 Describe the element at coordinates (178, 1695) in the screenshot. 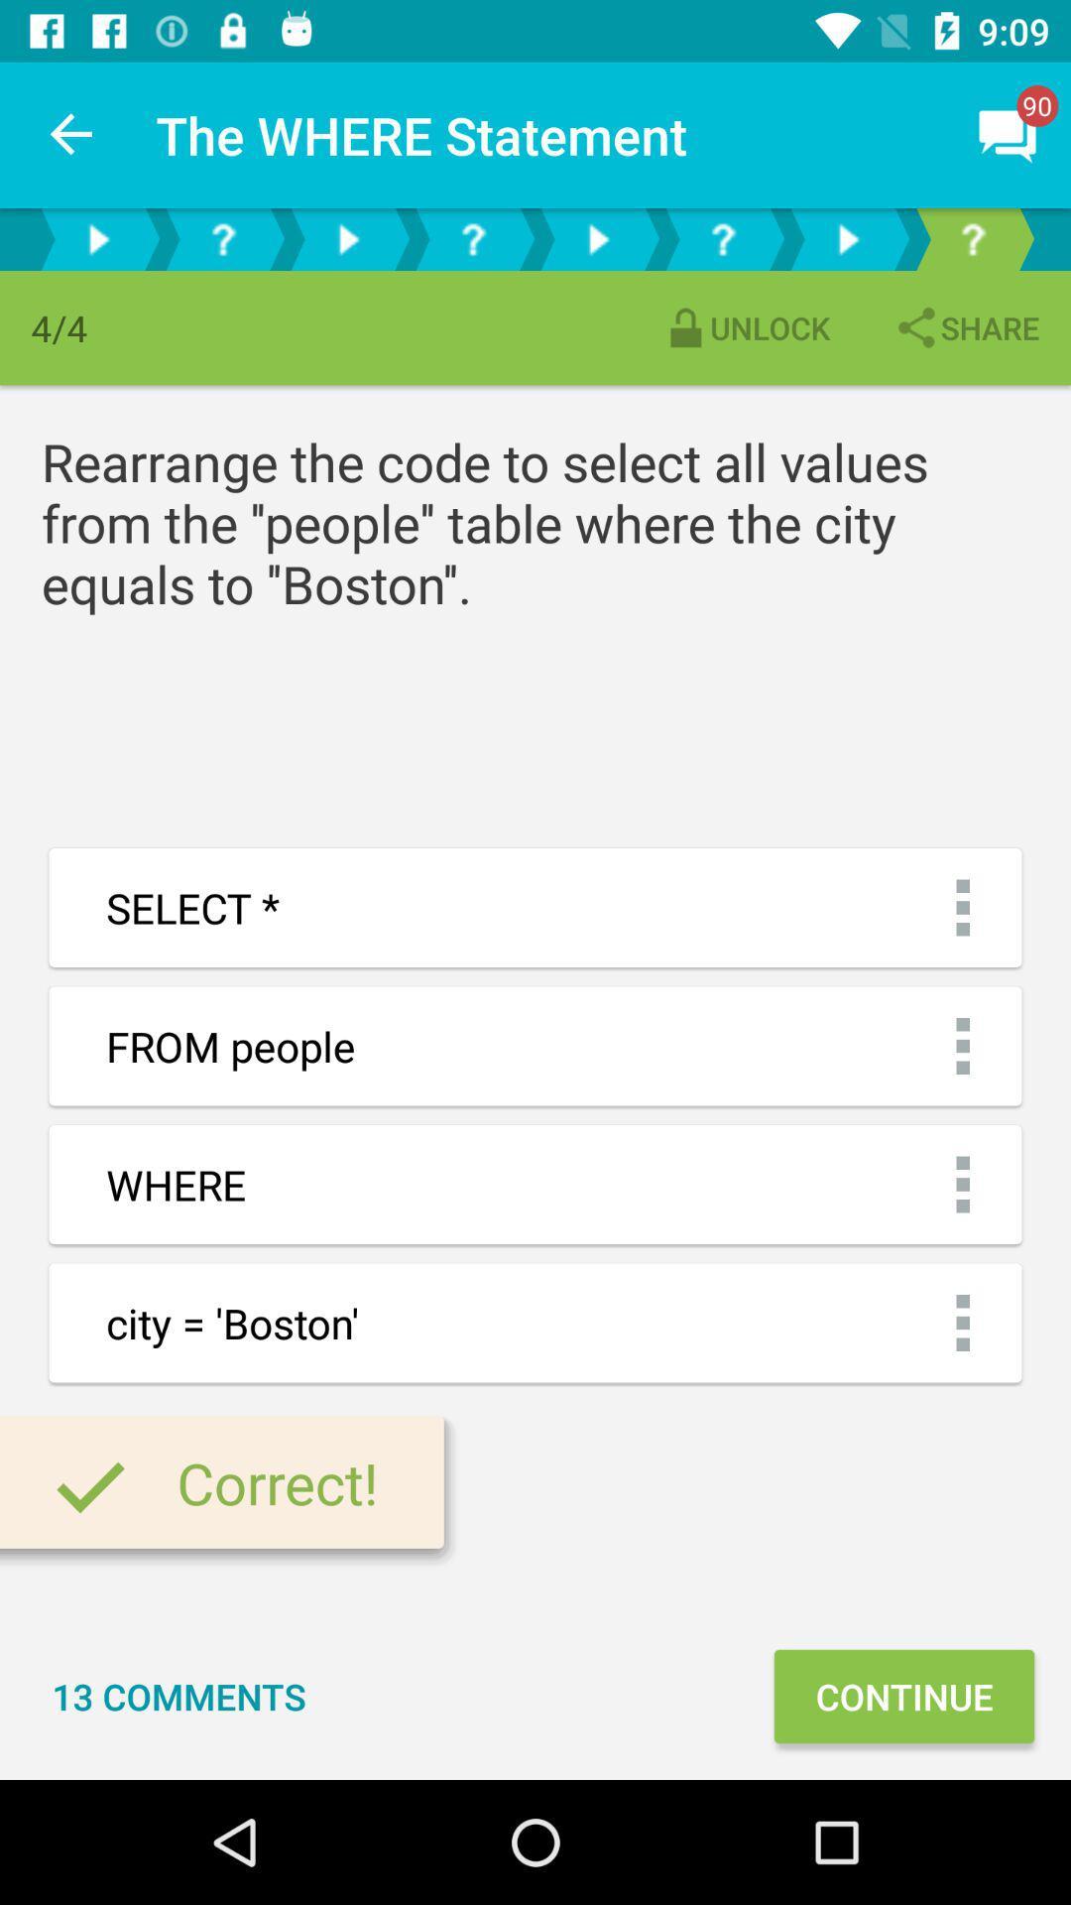

I see `13 comments icon` at that location.